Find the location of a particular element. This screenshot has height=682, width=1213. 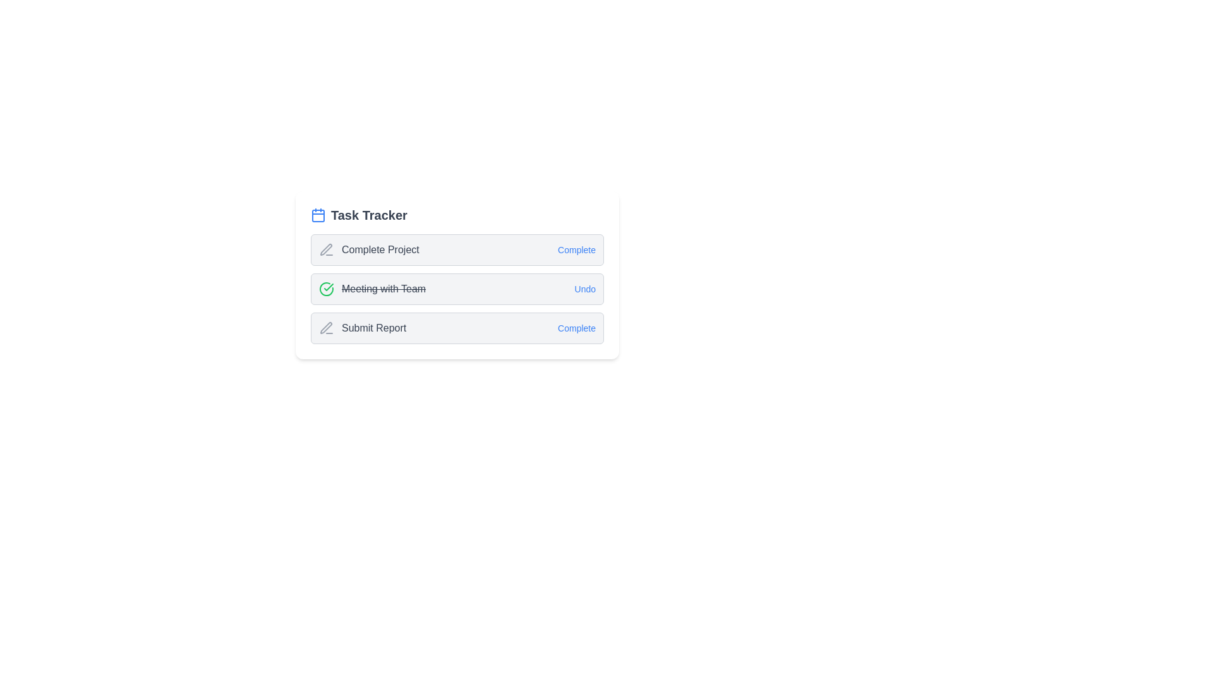

the pen icon next to the 'Submit Report' text is located at coordinates (327, 328).